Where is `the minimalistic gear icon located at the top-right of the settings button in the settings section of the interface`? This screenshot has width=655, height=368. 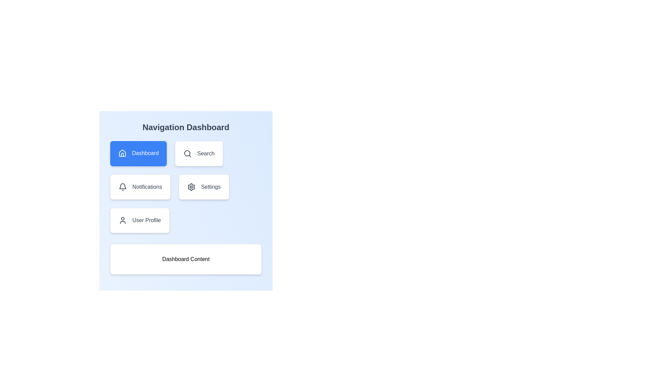 the minimalistic gear icon located at the top-right of the settings button in the settings section of the interface is located at coordinates (191, 187).